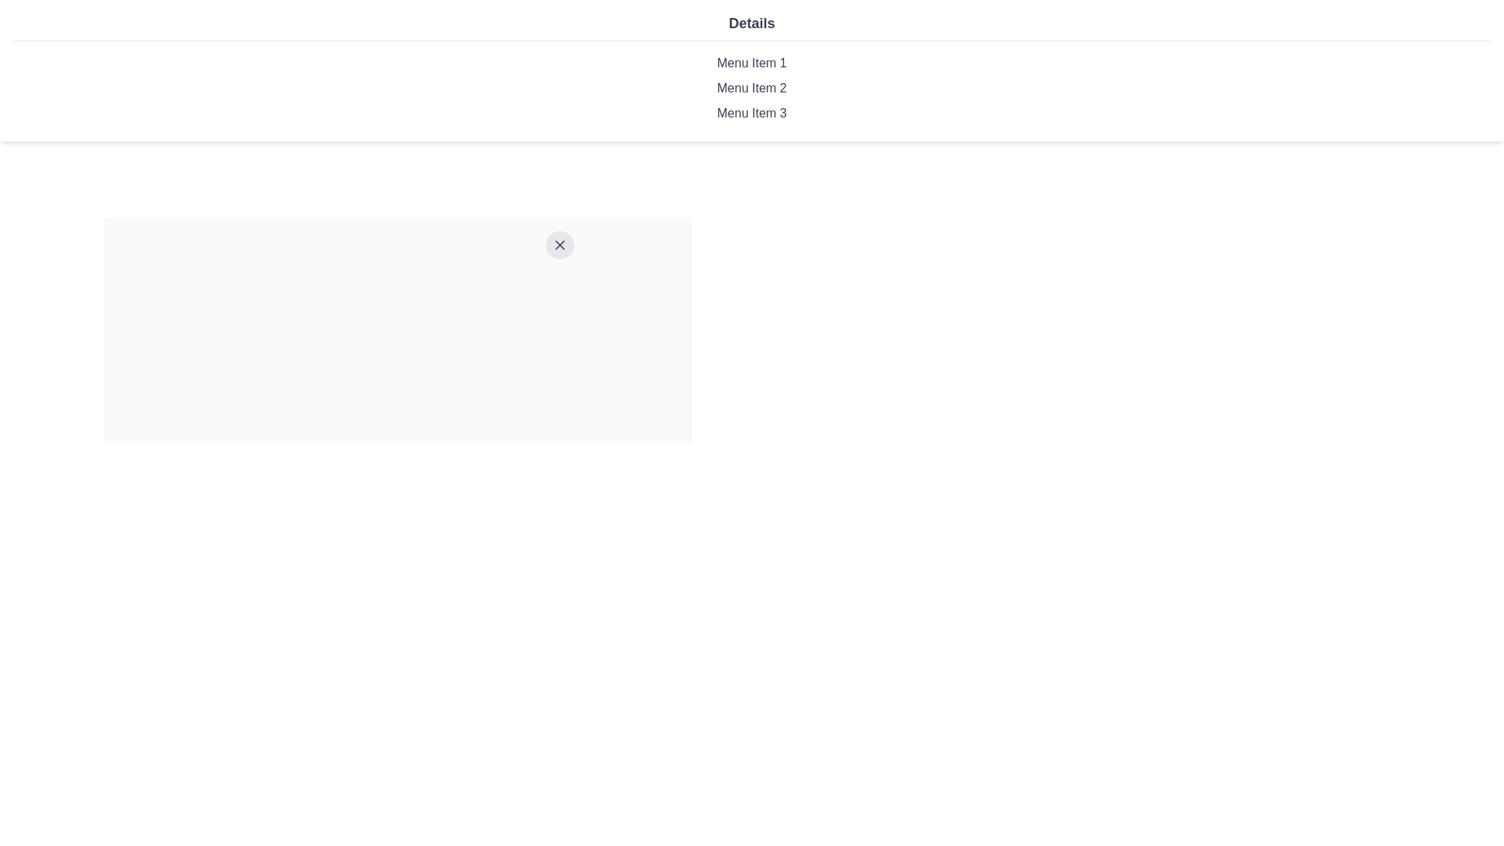  Describe the element at coordinates (559, 244) in the screenshot. I see `the circular button with a light gray background and a black 'X' icon in the top-right corner` at that location.